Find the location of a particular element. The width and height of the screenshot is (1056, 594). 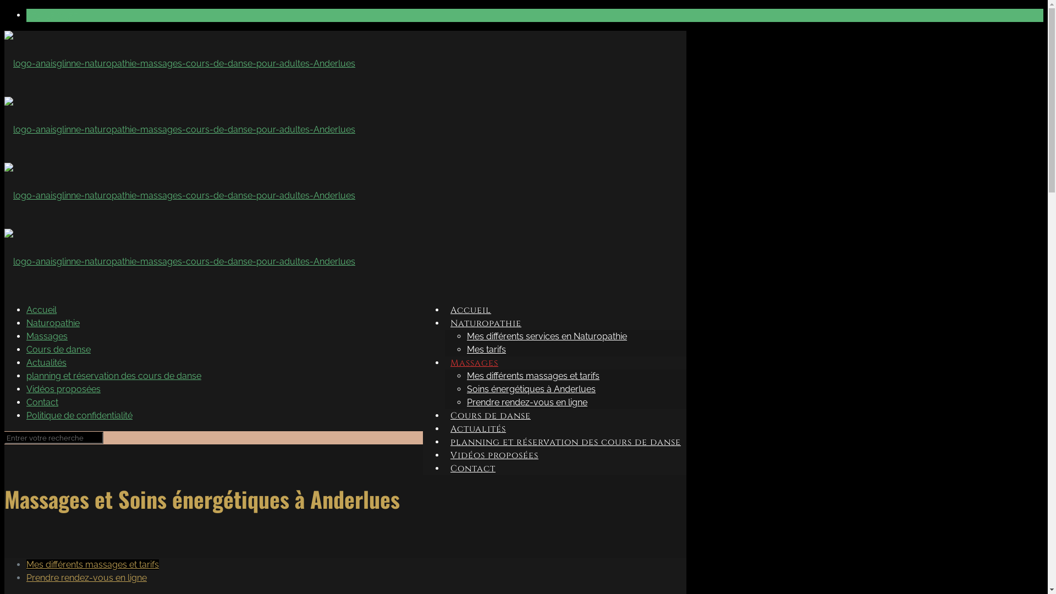

'Massages' is located at coordinates (46, 335).